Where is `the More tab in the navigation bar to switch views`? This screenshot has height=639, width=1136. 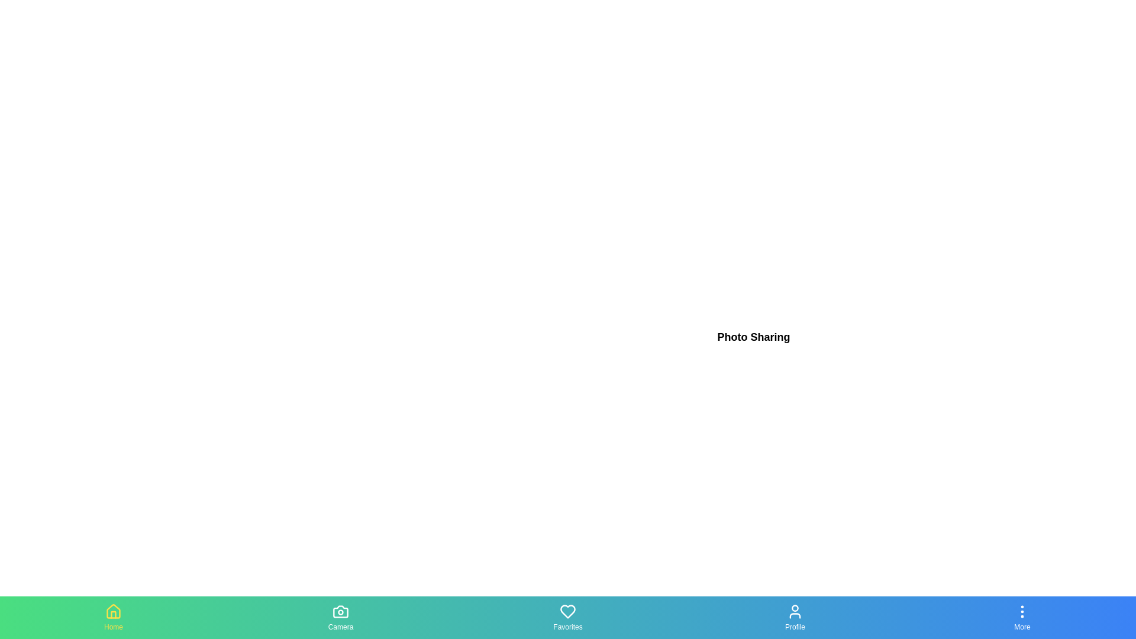
the More tab in the navigation bar to switch views is located at coordinates (1022, 617).